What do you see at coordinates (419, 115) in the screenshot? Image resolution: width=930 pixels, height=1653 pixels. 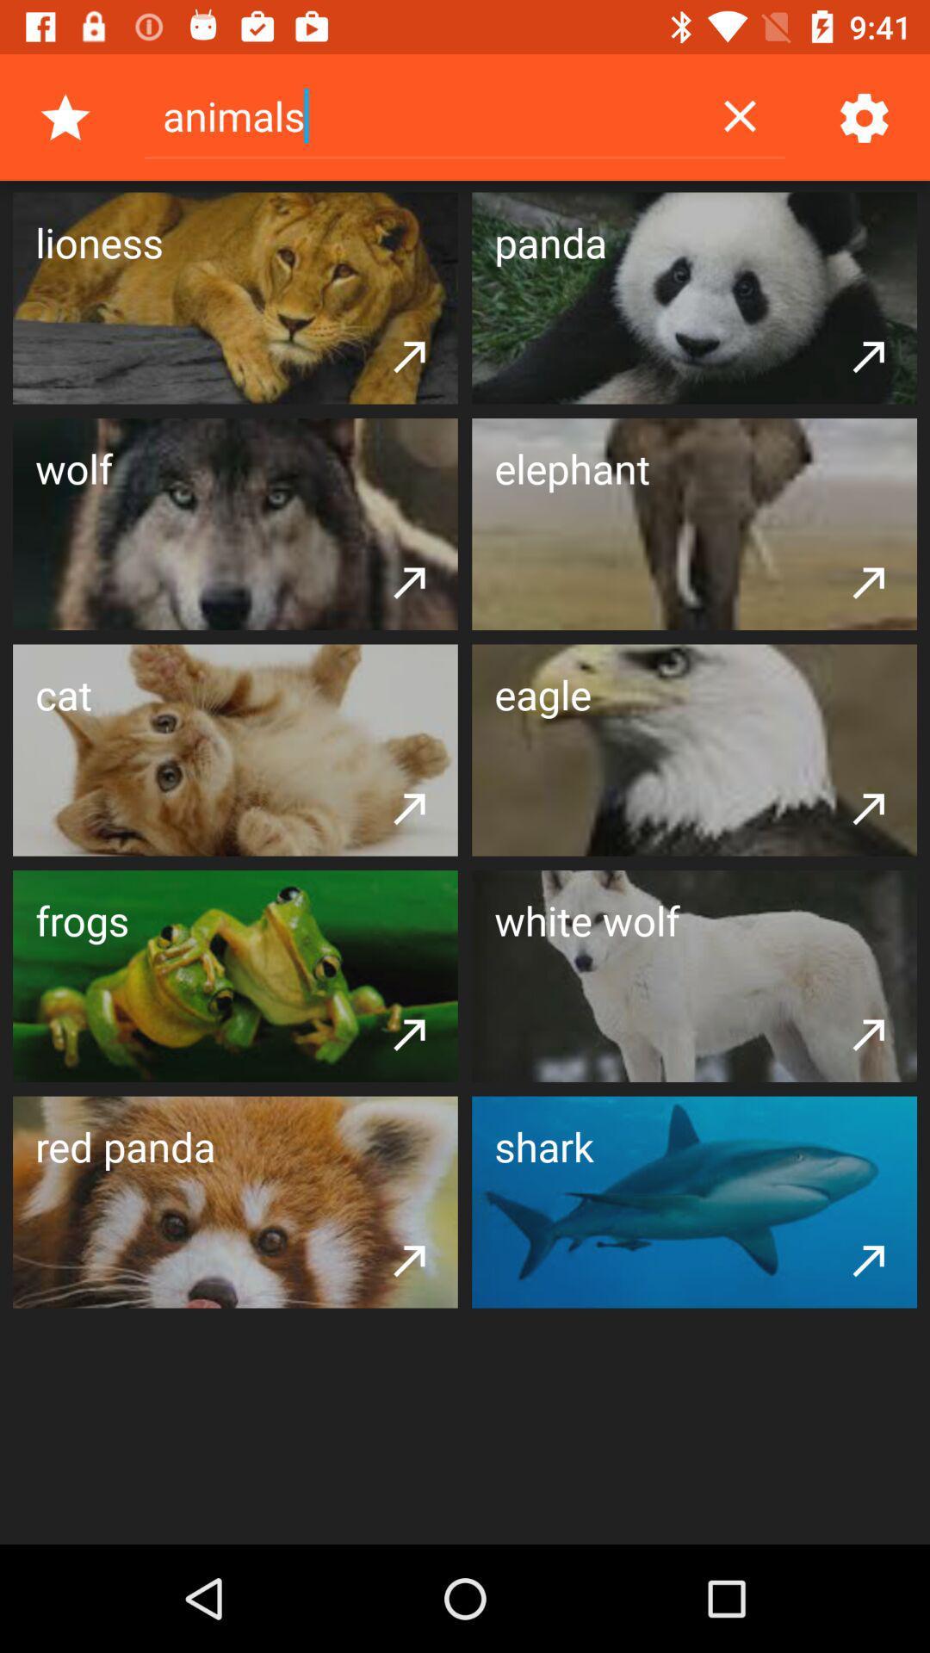 I see `the animals item` at bounding box center [419, 115].